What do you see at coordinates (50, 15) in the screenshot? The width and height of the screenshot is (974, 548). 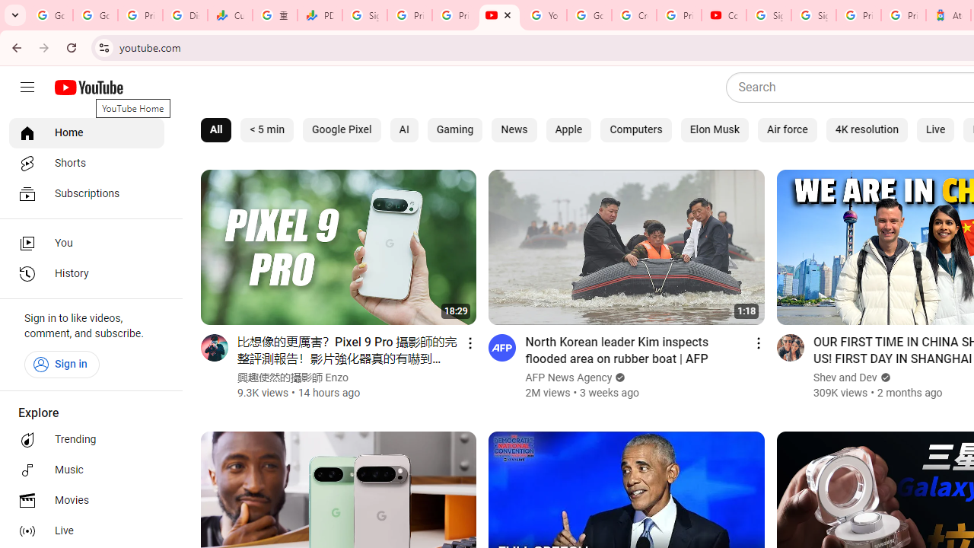 I see `'Google Workspace Admin Community'` at bounding box center [50, 15].